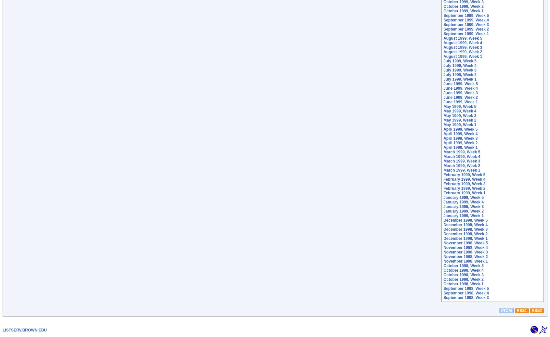  I want to click on 'October 1998, Week 3', so click(463, 275).